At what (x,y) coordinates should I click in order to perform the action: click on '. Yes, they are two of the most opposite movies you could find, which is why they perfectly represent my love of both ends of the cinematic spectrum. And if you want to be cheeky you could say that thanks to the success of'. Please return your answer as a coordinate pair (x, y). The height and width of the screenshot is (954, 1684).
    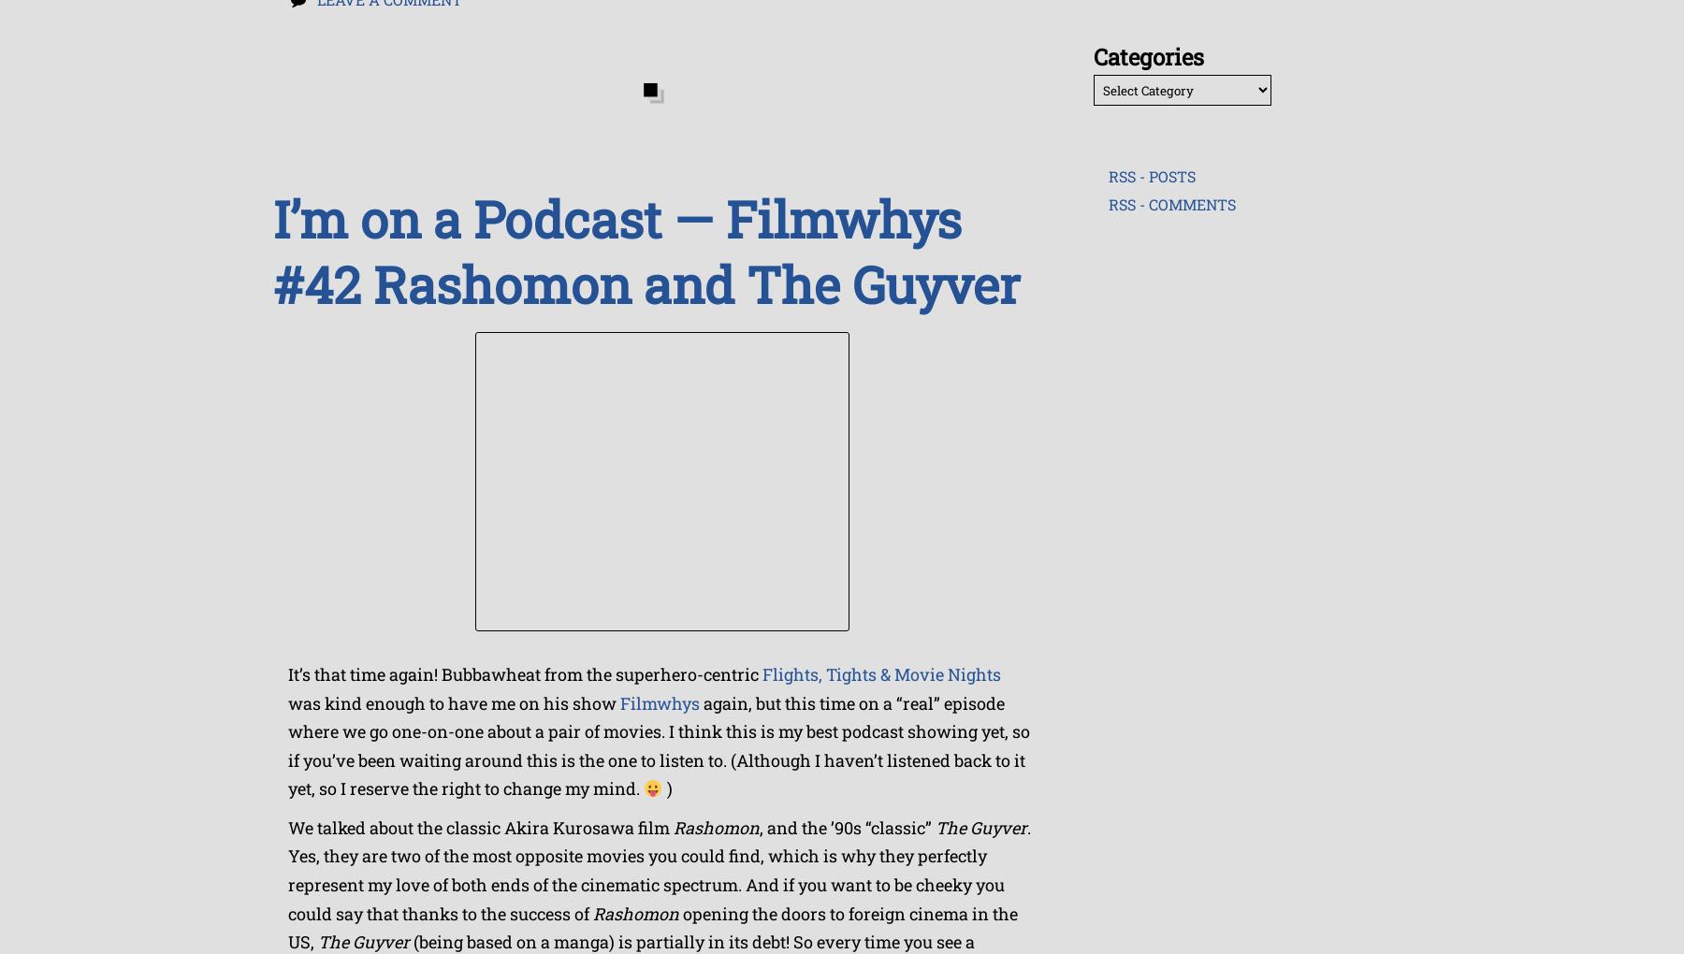
    Looking at the image, I should click on (659, 870).